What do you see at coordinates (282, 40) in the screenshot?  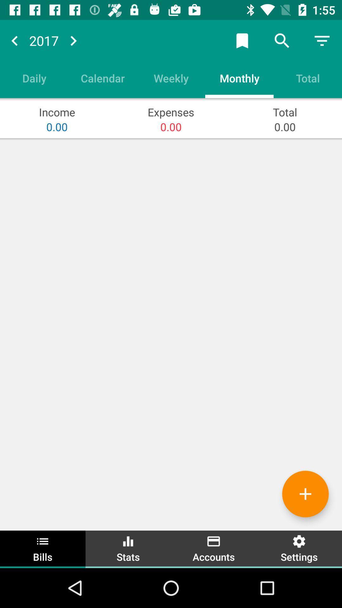 I see `the search icon` at bounding box center [282, 40].